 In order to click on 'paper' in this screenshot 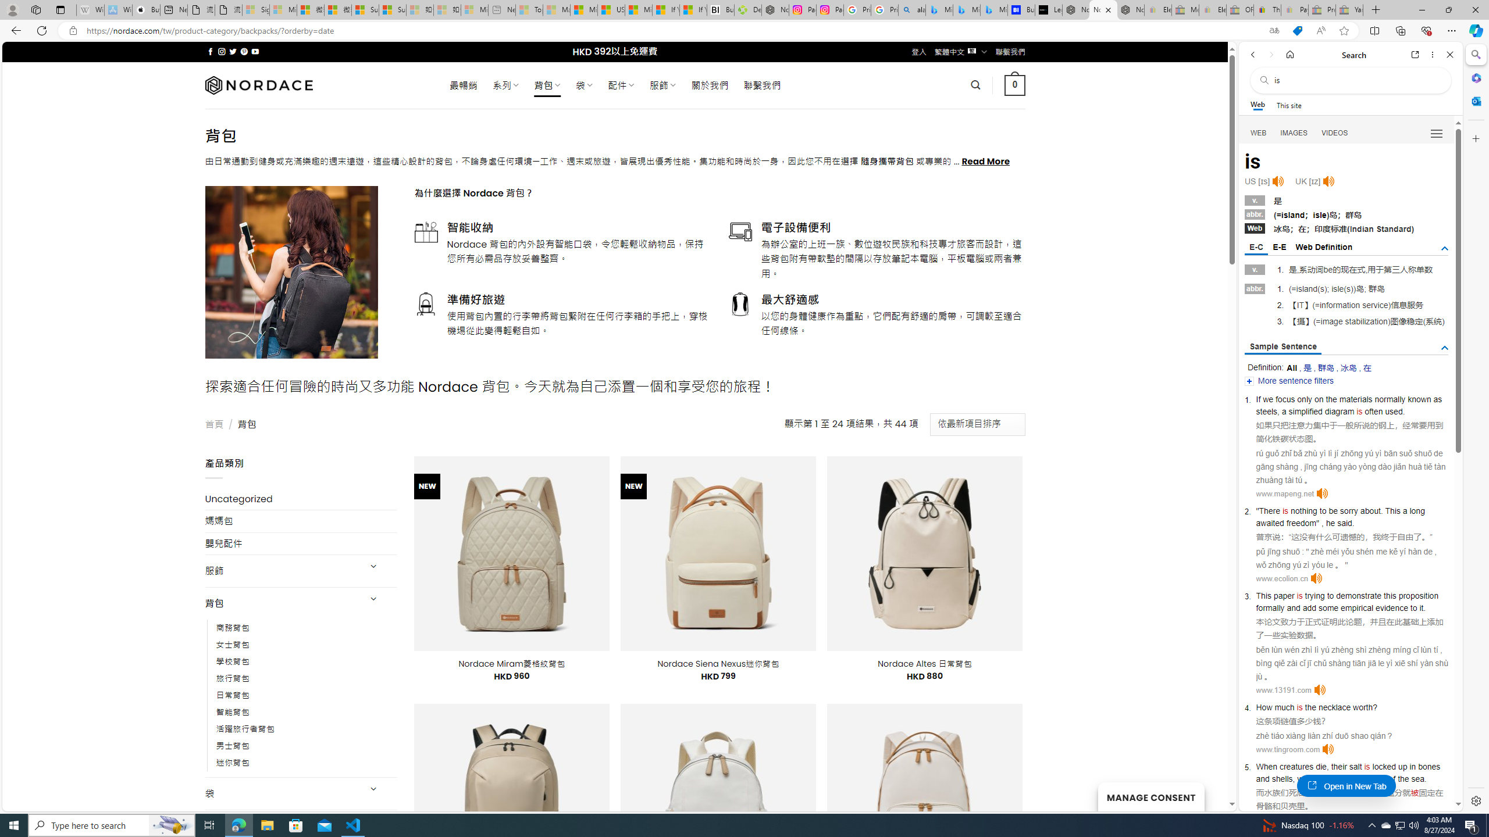, I will do `click(1284, 595)`.